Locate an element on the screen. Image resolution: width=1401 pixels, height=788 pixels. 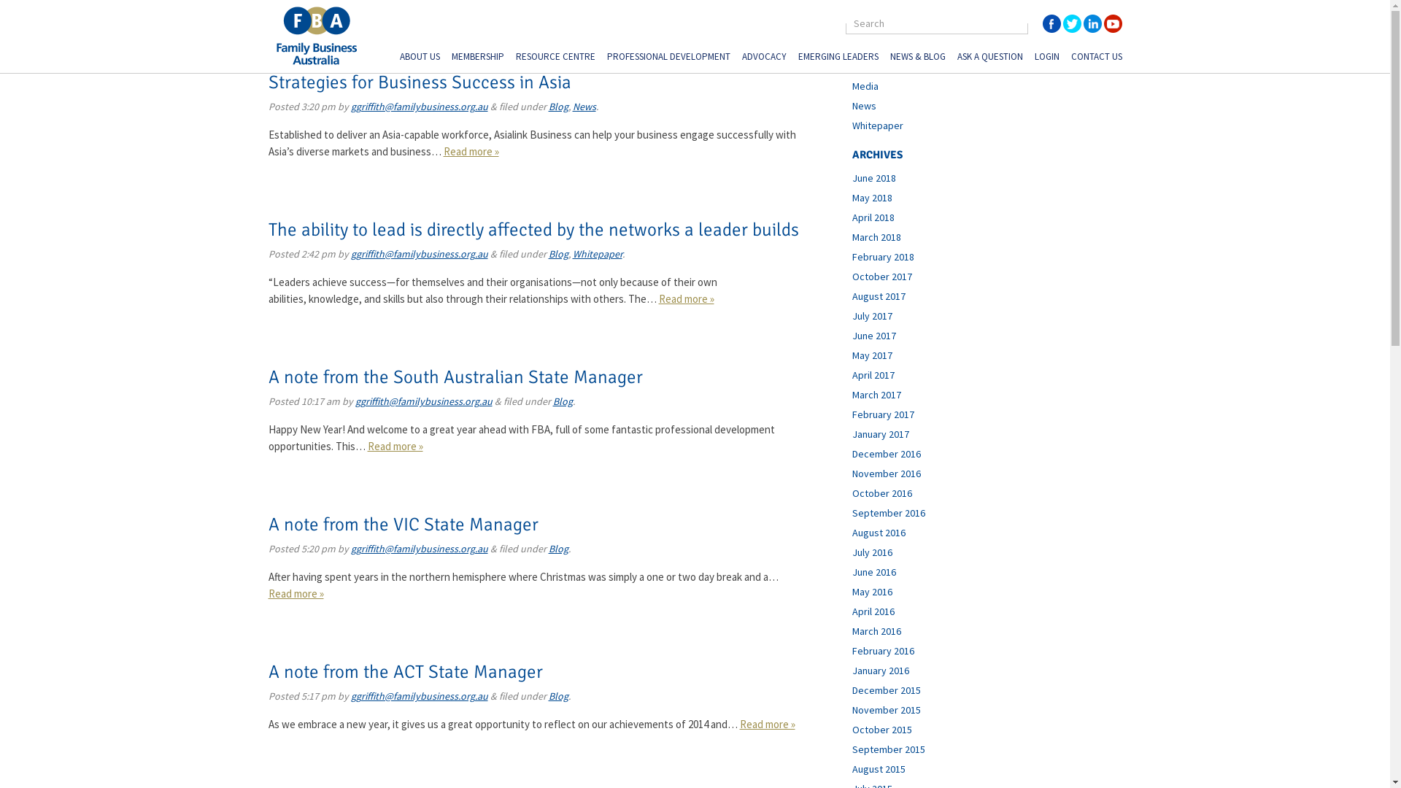
'July 2017' is located at coordinates (872, 314).